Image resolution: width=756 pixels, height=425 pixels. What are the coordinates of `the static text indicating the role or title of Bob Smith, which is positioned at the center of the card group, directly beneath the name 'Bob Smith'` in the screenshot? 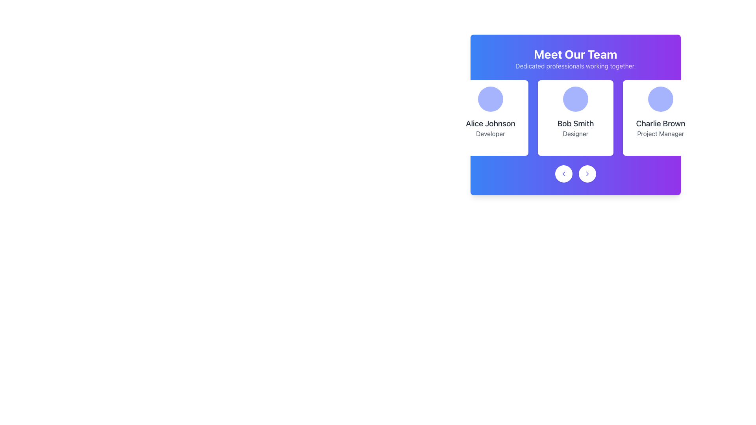 It's located at (576, 133).